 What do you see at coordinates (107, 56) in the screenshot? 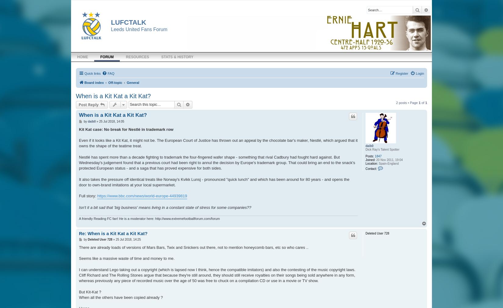
I see `'FORUM'` at bounding box center [107, 56].